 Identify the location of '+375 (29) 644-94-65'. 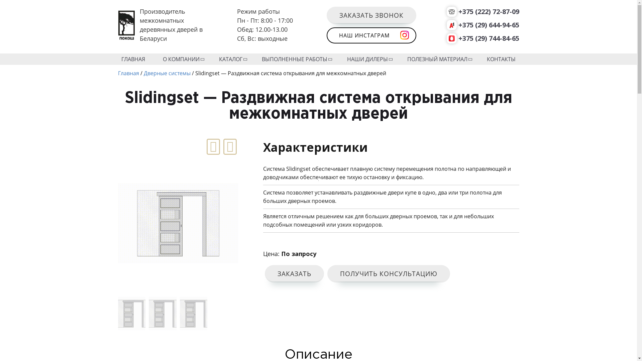
(483, 24).